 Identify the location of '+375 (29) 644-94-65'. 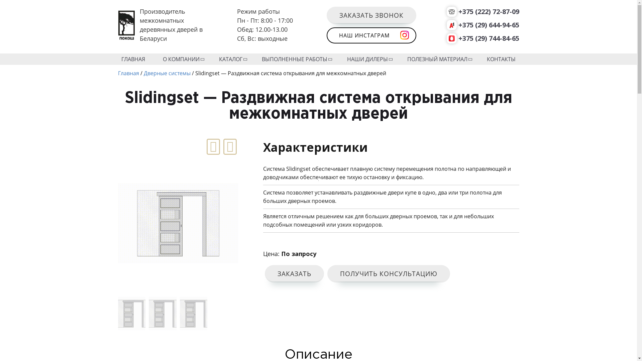
(483, 24).